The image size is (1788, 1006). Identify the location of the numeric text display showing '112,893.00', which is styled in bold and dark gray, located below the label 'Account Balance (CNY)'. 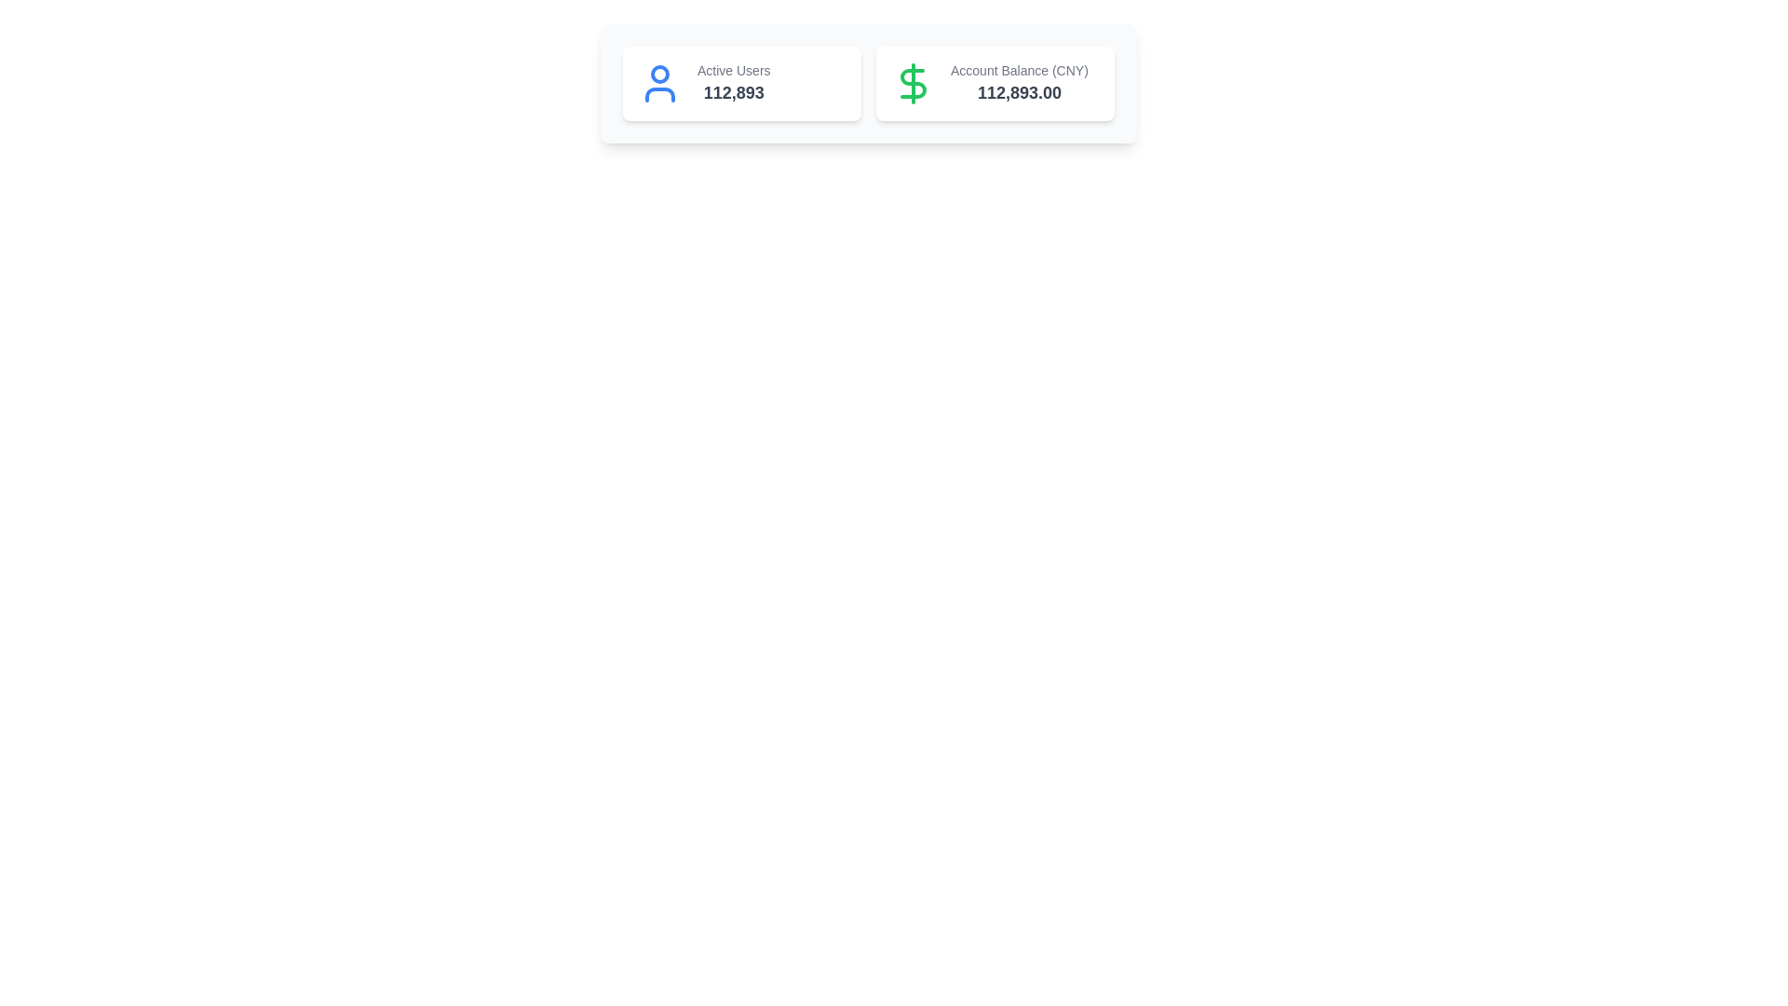
(1018, 93).